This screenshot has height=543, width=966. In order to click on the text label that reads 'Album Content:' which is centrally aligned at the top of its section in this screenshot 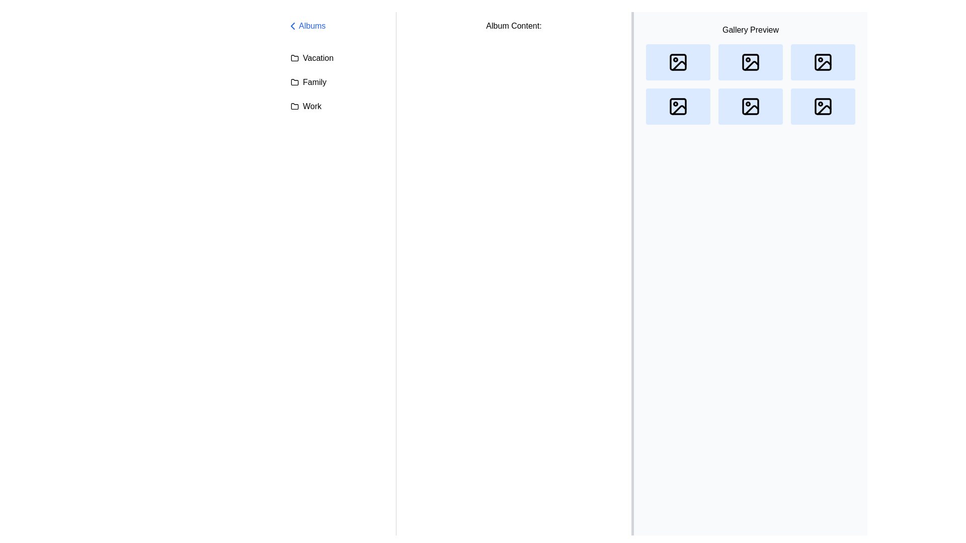, I will do `click(514, 25)`.